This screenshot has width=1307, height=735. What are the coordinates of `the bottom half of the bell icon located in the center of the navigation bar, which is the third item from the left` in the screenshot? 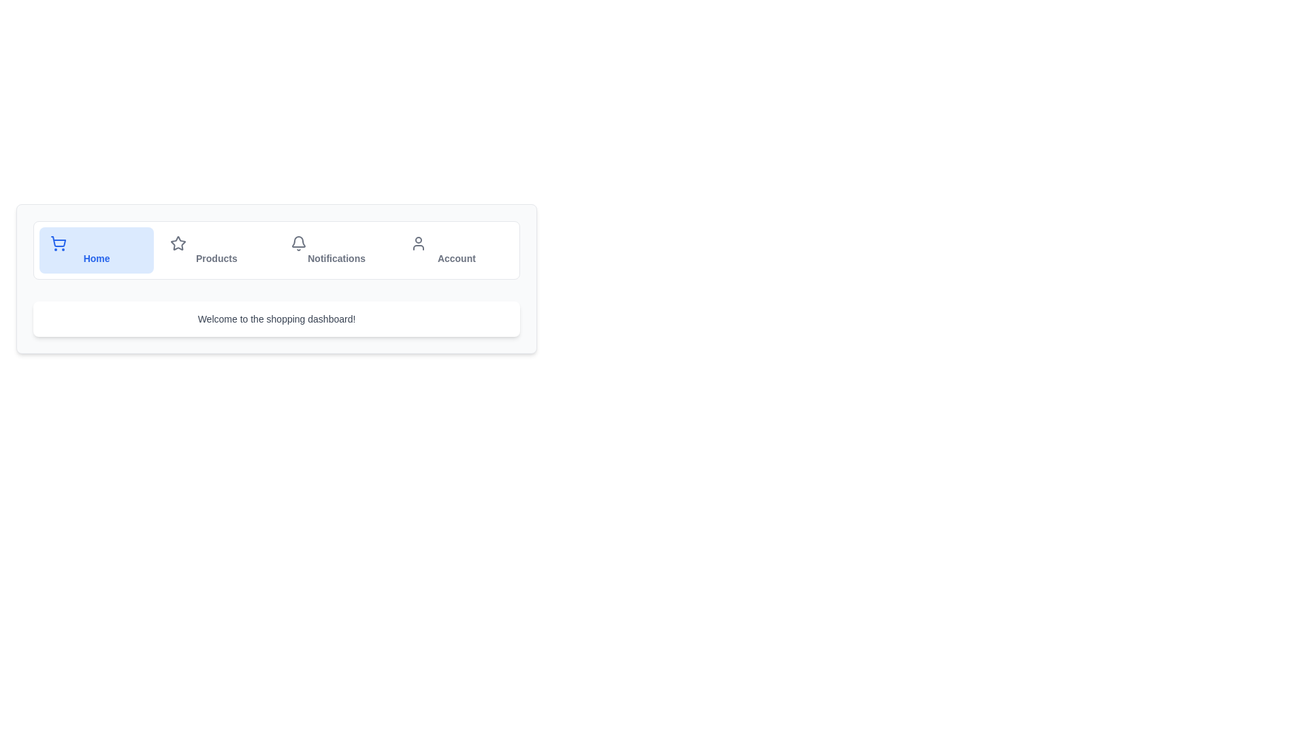 It's located at (297, 241).